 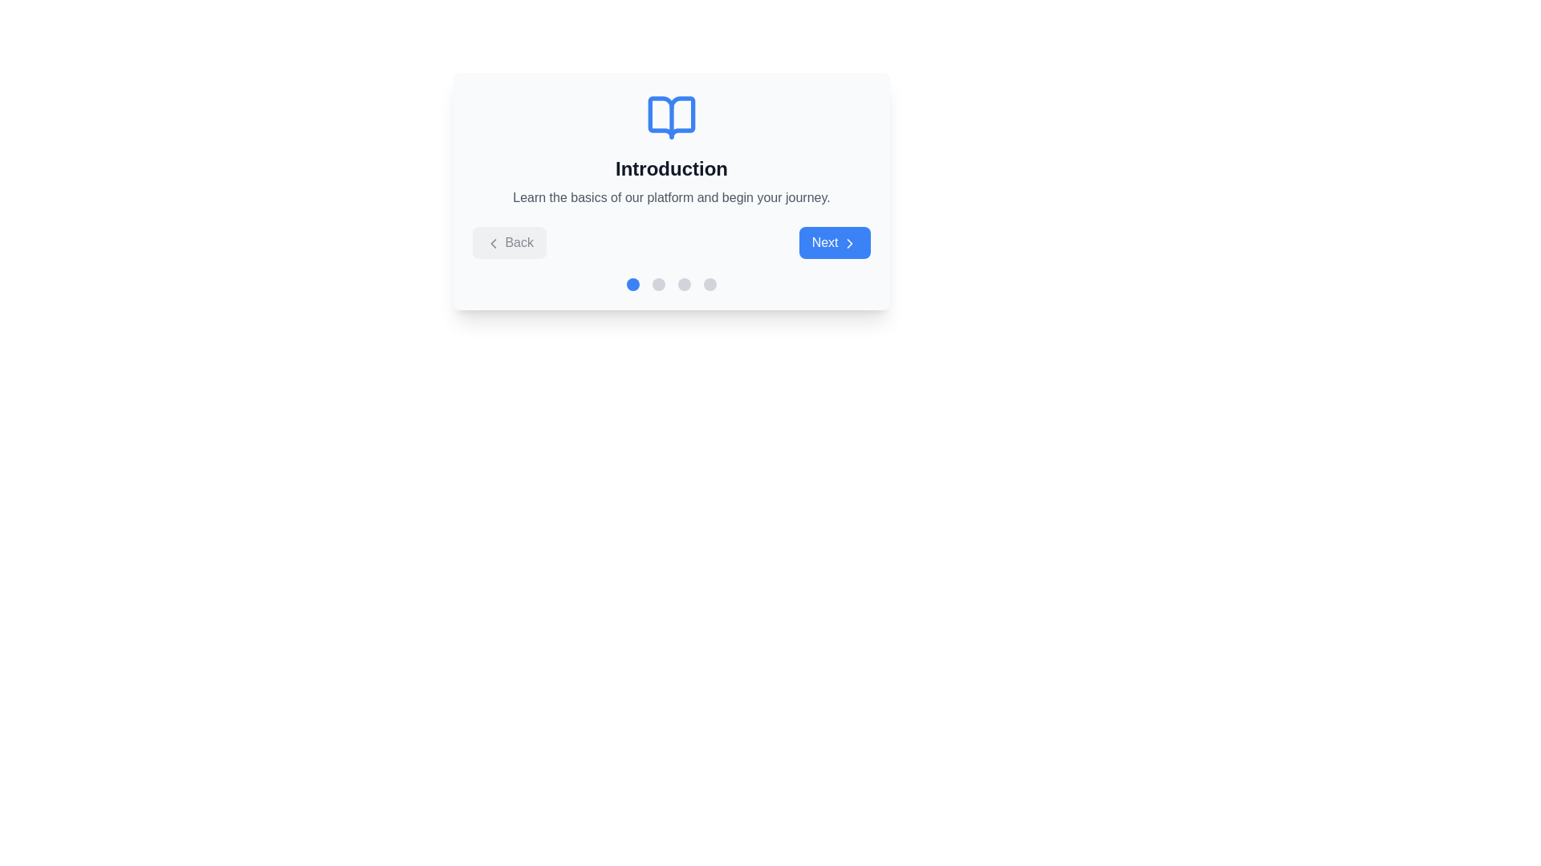 What do you see at coordinates (849, 243) in the screenshot?
I see `the right-pointing chevron icon located within the 'Next' button, which has a blue background and white text` at bounding box center [849, 243].